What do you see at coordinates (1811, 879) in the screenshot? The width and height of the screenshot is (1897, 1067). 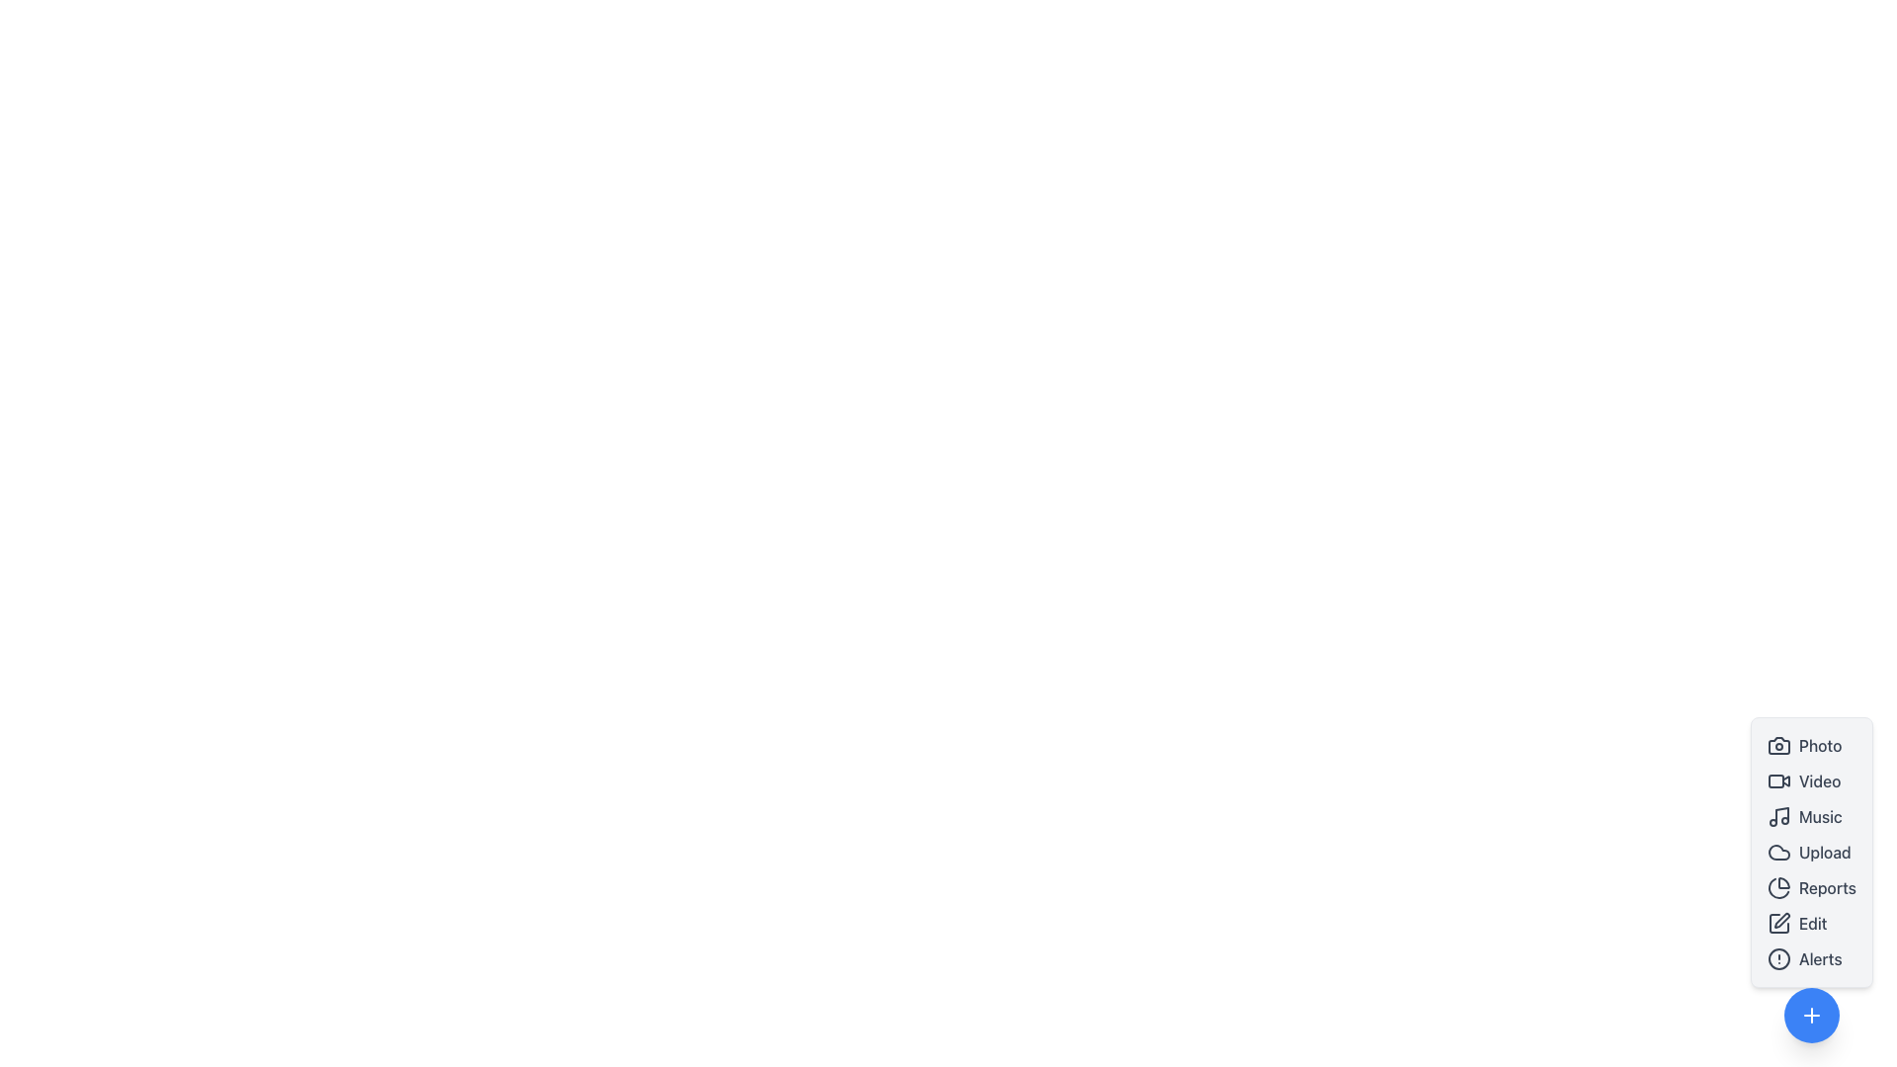 I see `the fifth interactive text button with an icon in the sidebar` at bounding box center [1811, 879].